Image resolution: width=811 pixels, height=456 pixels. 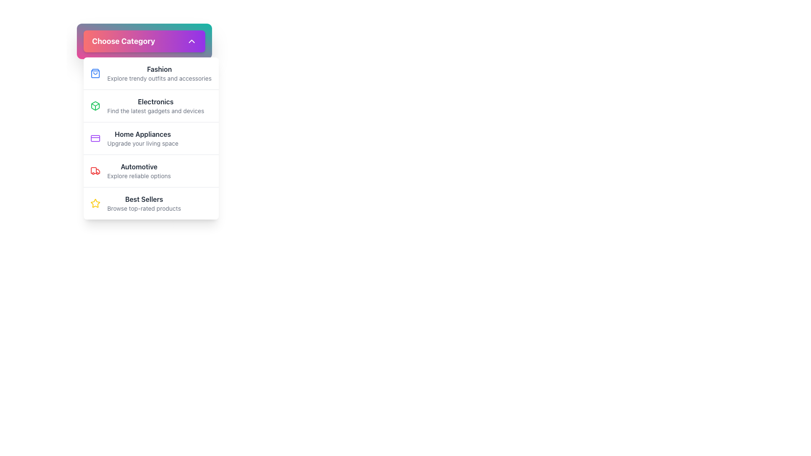 I want to click on the Text label that provides additional context for the 'Home Appliances' menu item located below its title in the menu list, so click(x=143, y=143).